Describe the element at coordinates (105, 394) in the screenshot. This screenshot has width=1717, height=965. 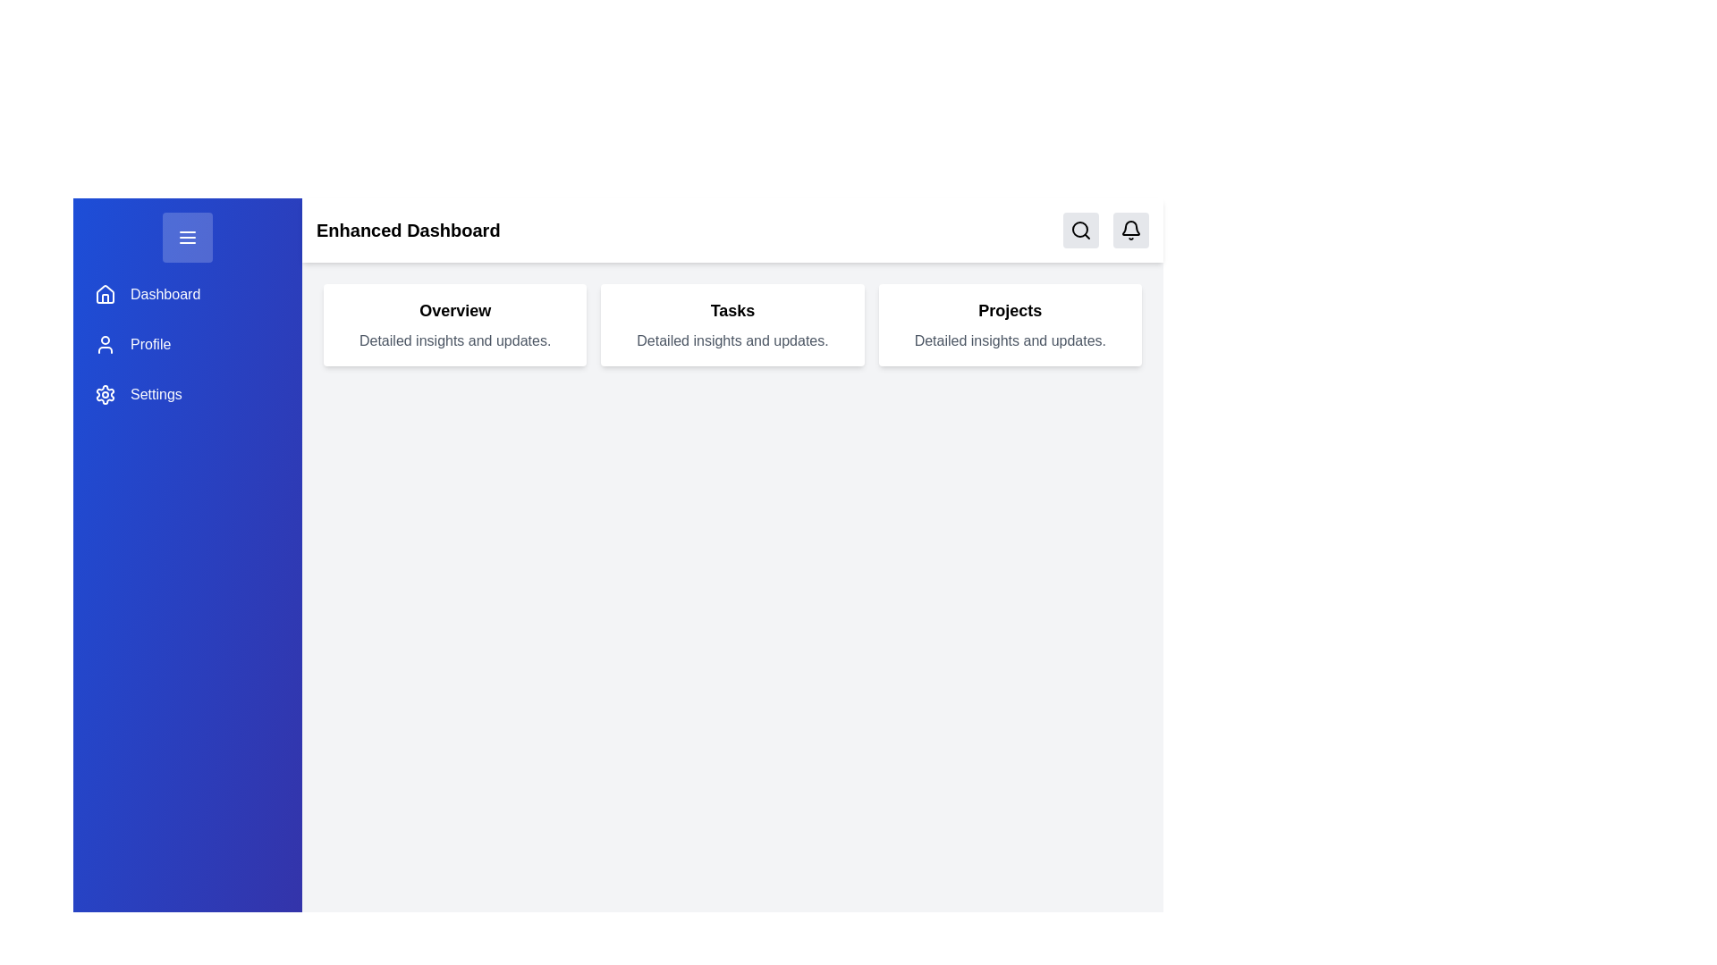
I see `the SVG icon of a settings cogwheel located in the left-hand vertical navigation bar, which is the third icon from the top` at that location.